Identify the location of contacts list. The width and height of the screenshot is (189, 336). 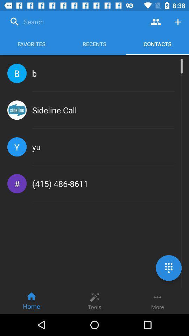
(156, 22).